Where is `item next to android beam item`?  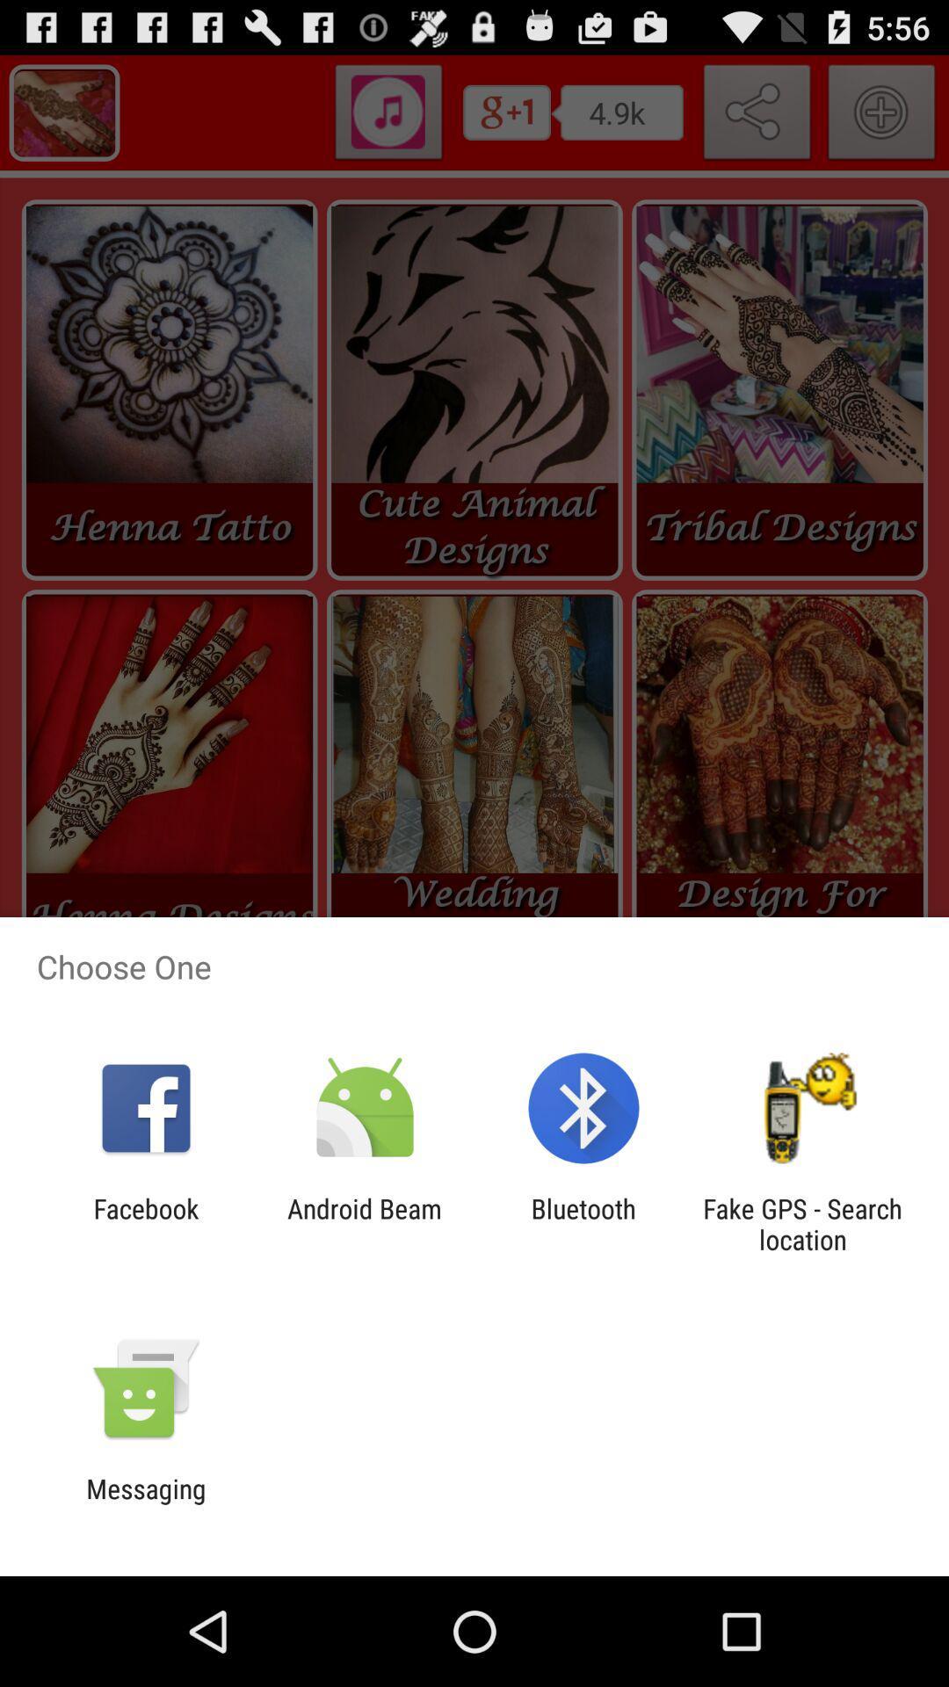 item next to android beam item is located at coordinates (145, 1223).